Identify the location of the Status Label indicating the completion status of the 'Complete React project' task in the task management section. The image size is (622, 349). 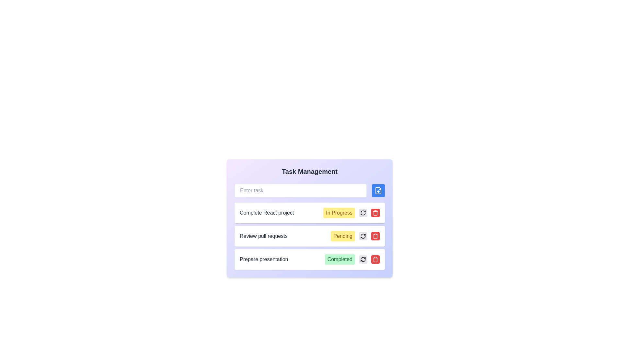
(339, 213).